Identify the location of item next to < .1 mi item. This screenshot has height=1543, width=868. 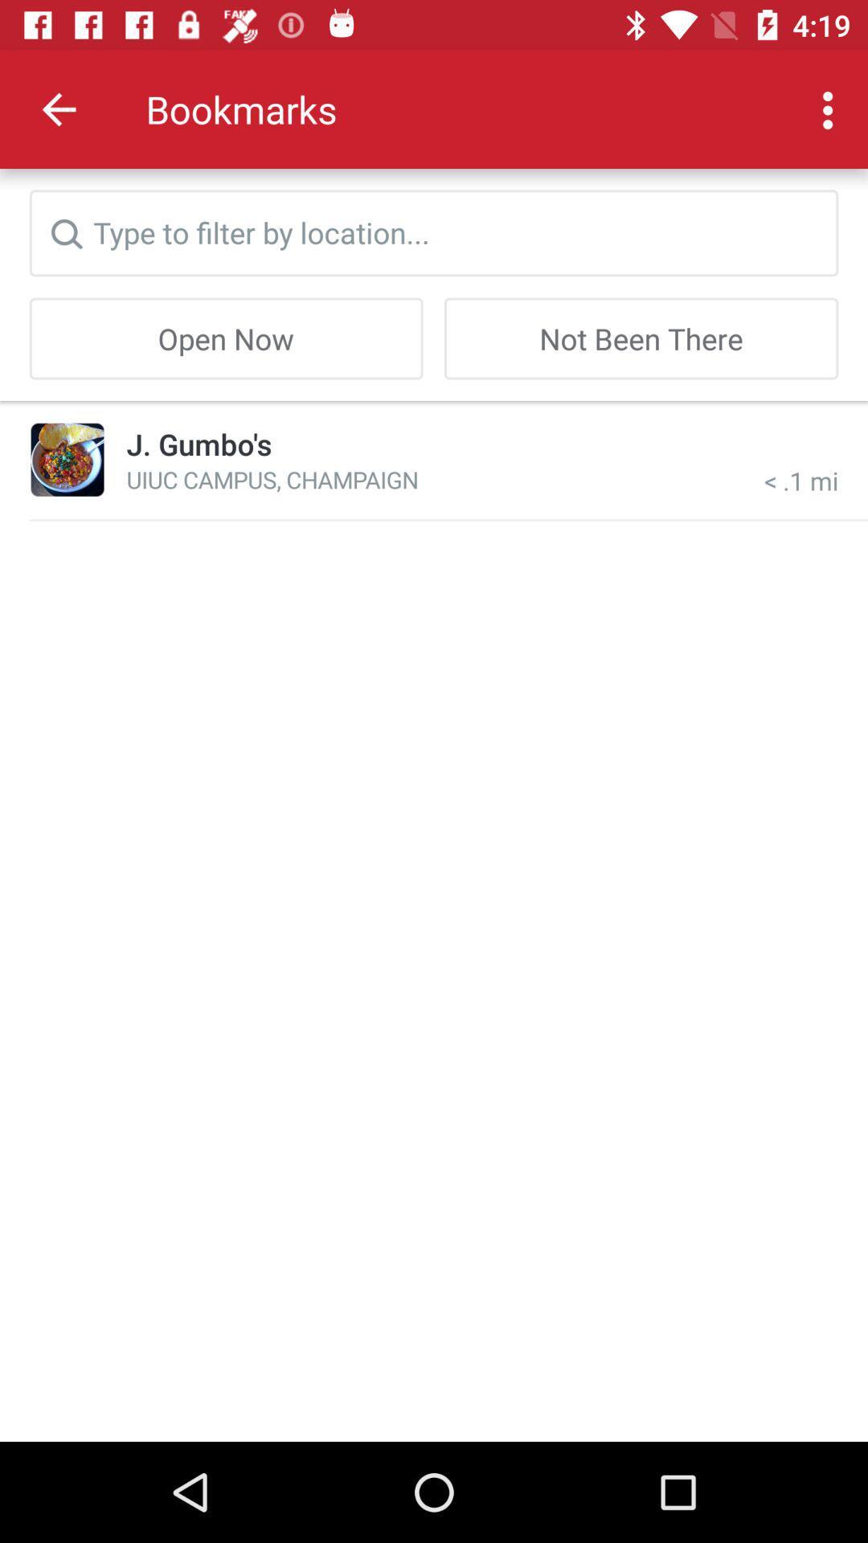
(198, 444).